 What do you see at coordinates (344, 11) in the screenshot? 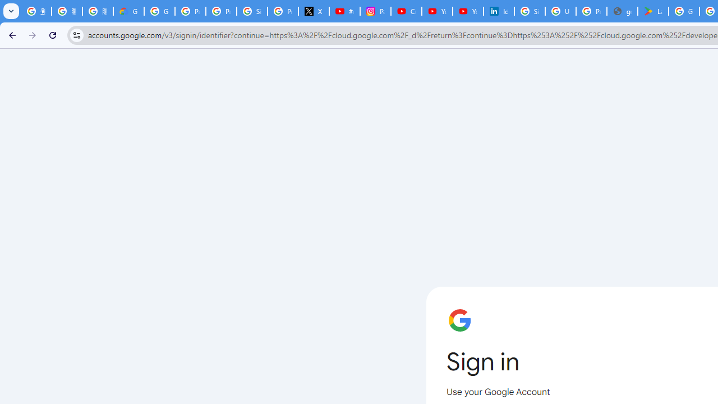
I see `'#nbabasketballhighlights - YouTube'` at bounding box center [344, 11].